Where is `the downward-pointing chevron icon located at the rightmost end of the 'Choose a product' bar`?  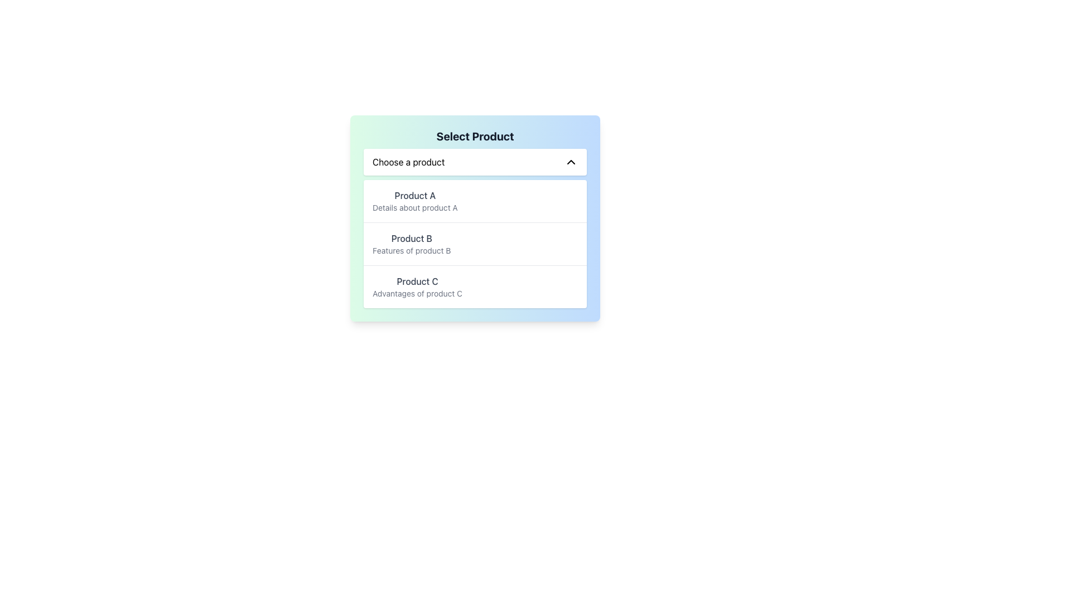 the downward-pointing chevron icon located at the rightmost end of the 'Choose a product' bar is located at coordinates (571, 162).